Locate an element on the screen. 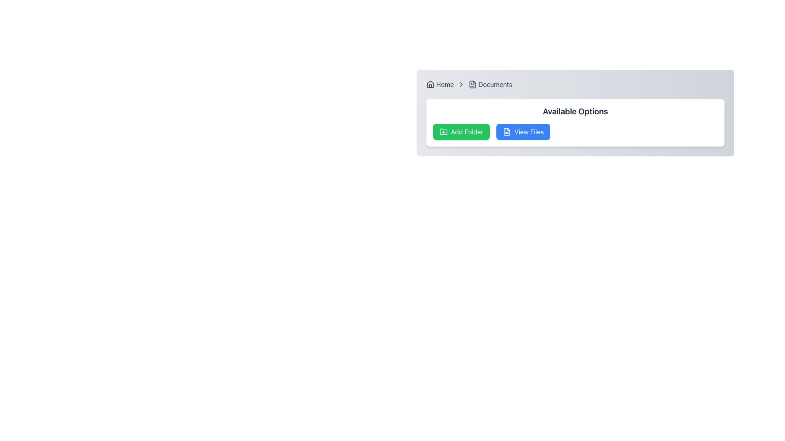  the Breadcrumb link text labeled 'Documents' is located at coordinates (495, 85).